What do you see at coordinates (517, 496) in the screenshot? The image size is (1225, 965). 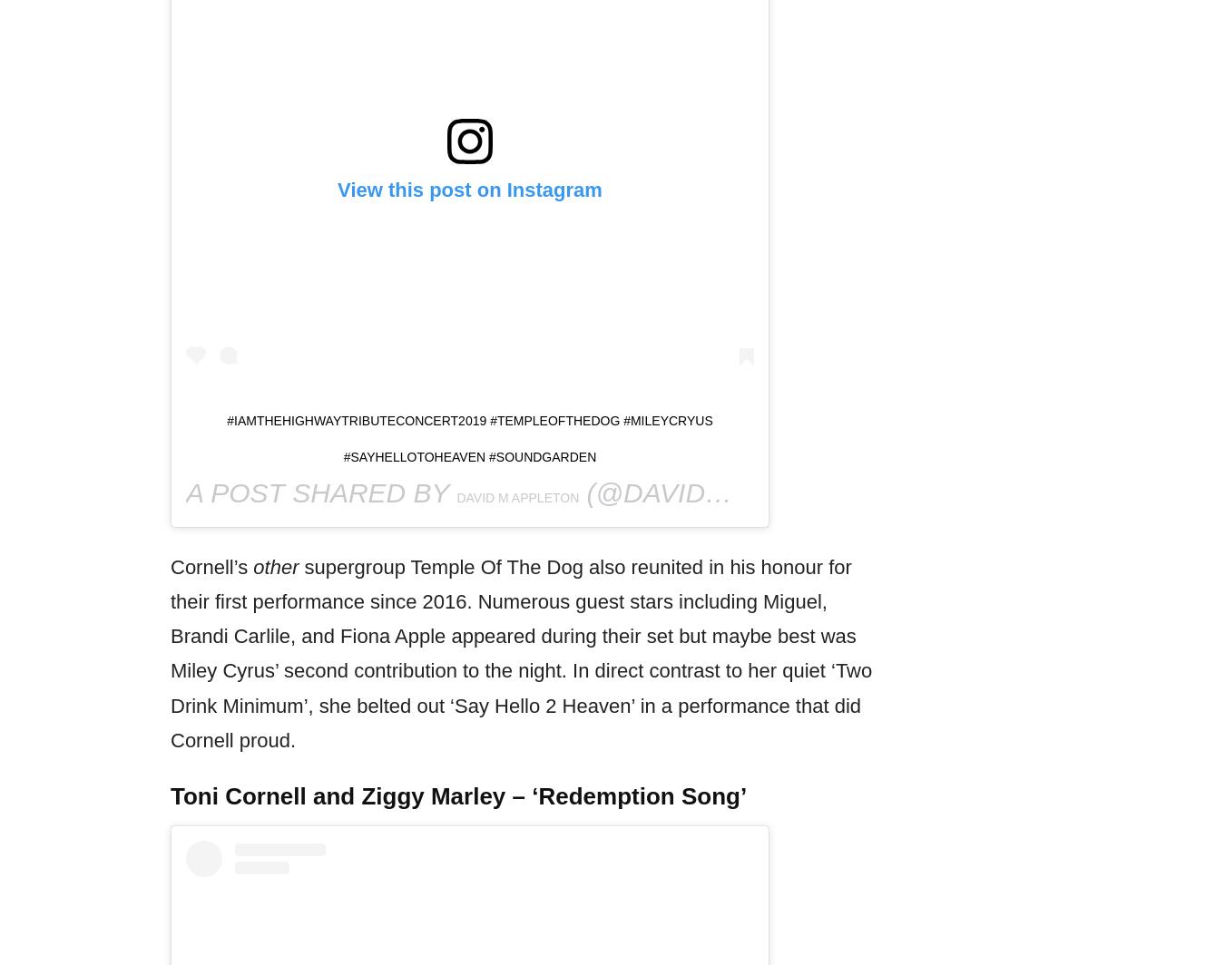 I see `'David M Appleton'` at bounding box center [517, 496].